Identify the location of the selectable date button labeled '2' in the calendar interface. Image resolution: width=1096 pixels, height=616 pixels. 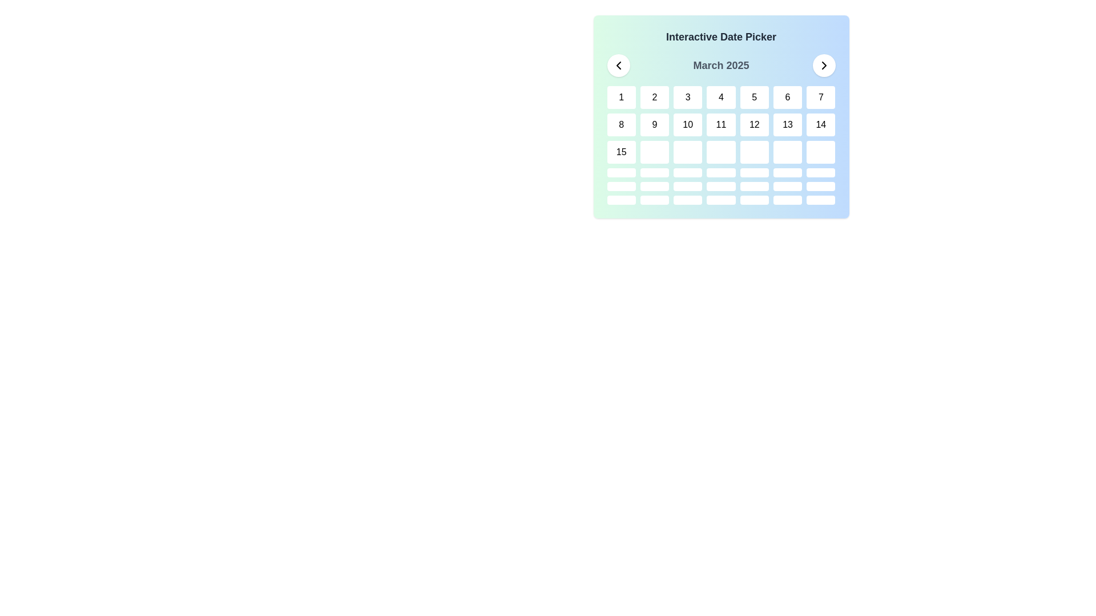
(655, 96).